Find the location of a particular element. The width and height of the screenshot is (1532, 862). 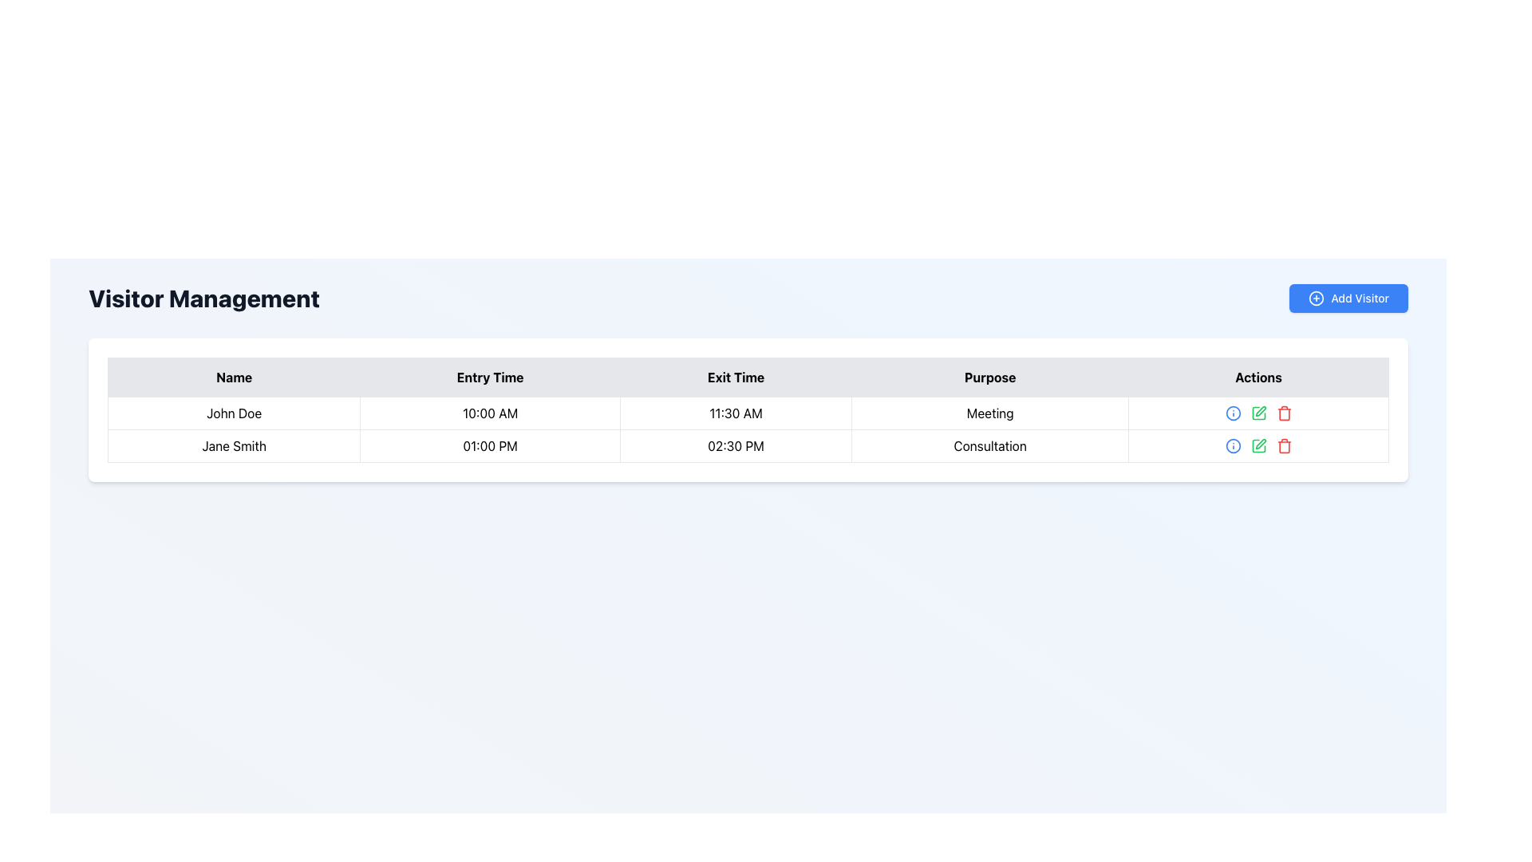

the delete button located at the far right of the 'Actions' column in the second row of the visitor management table is located at coordinates (1284, 412).